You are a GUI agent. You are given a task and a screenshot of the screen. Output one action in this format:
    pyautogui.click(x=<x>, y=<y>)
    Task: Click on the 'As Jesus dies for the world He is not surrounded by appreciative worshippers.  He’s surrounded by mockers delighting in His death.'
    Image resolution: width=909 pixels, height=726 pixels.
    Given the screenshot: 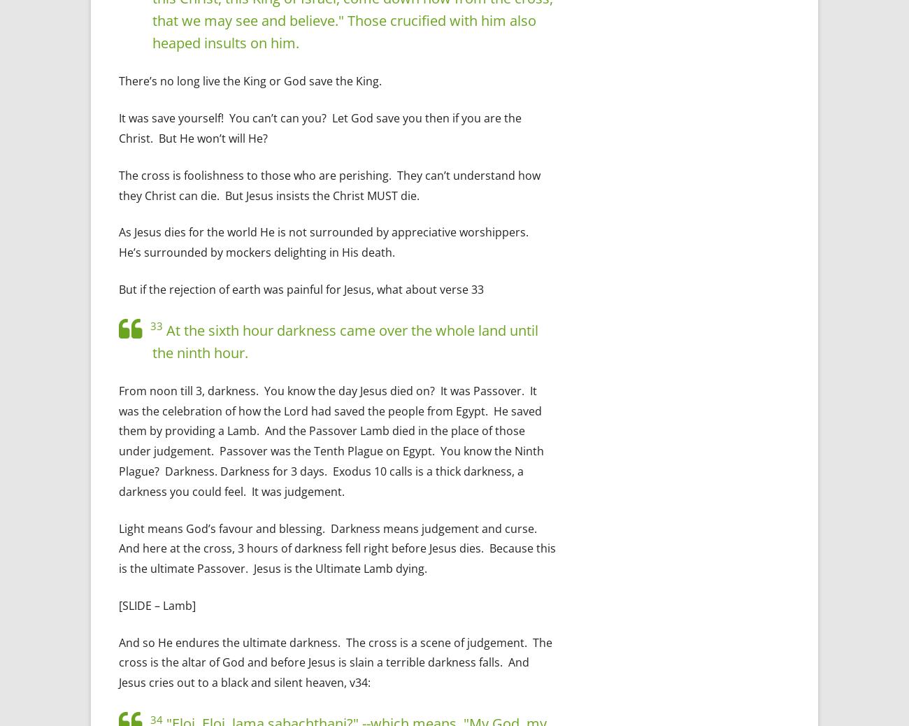 What is the action you would take?
    pyautogui.click(x=324, y=242)
    